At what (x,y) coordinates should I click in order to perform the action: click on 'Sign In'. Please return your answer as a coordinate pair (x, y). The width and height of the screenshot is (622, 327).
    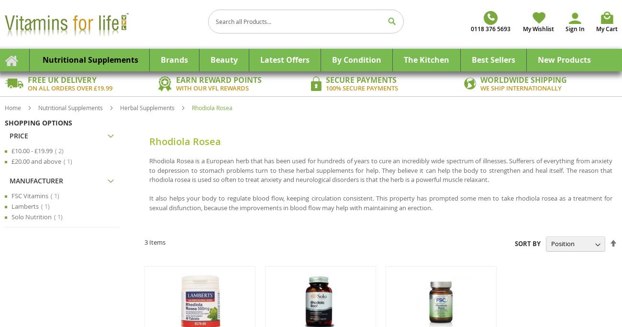
    Looking at the image, I should click on (574, 29).